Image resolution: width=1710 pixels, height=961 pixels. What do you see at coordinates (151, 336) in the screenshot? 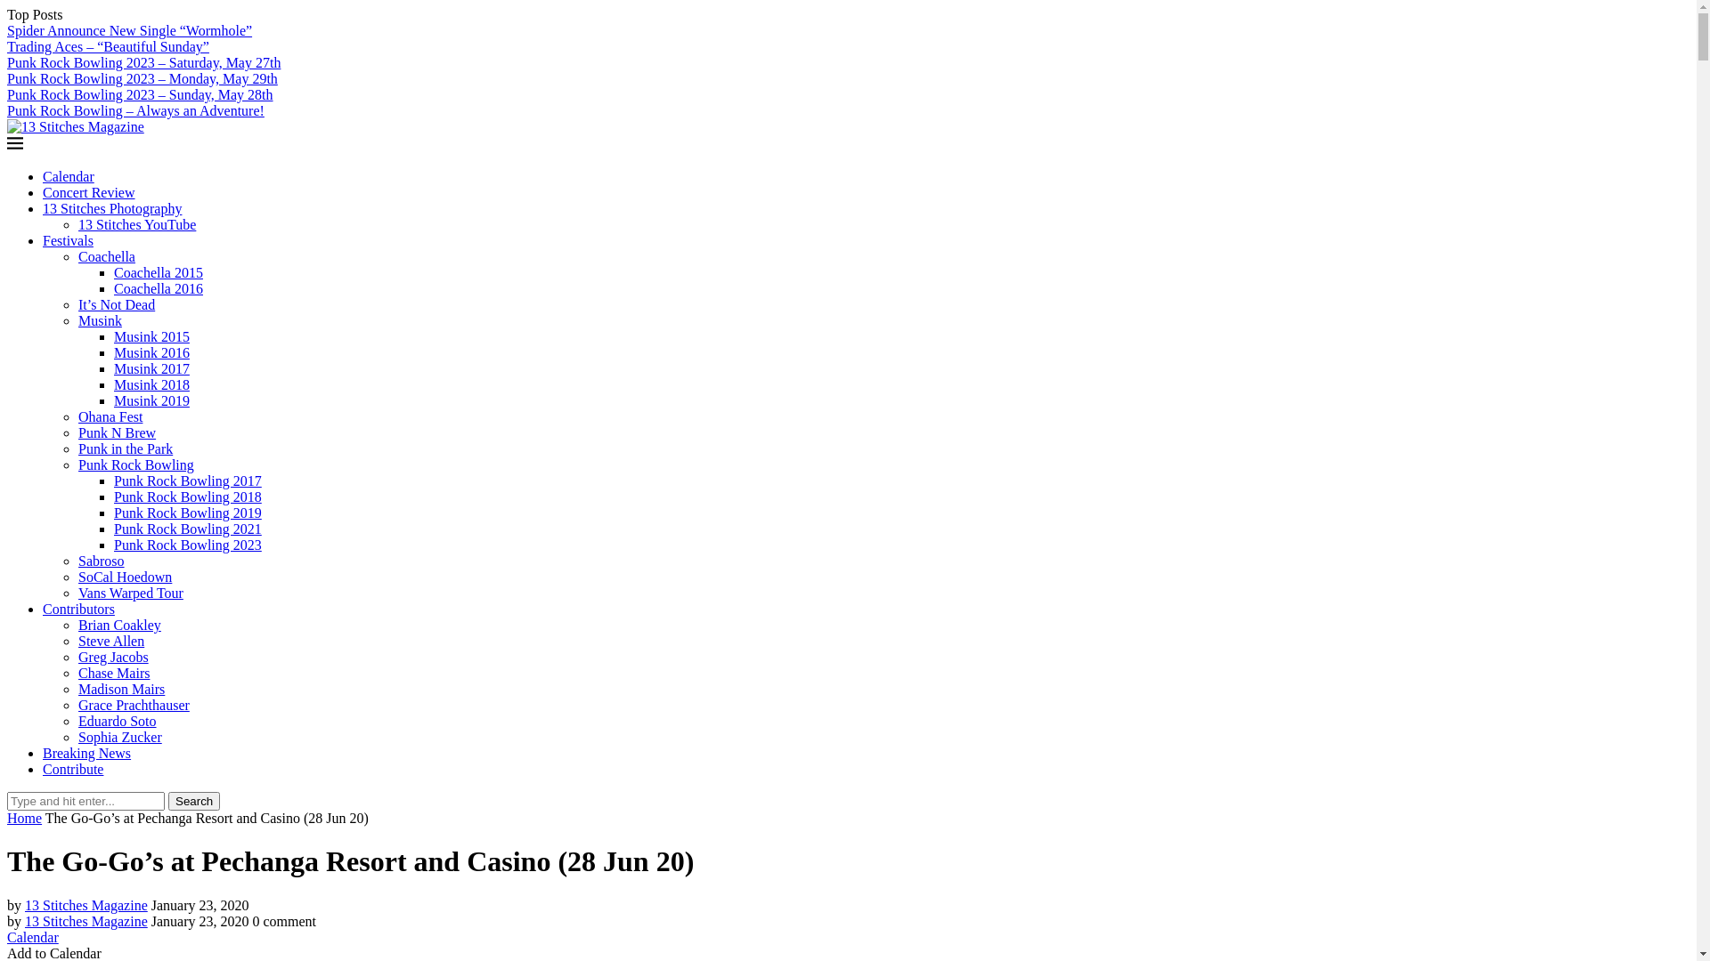
I see `'Musink 2015'` at bounding box center [151, 336].